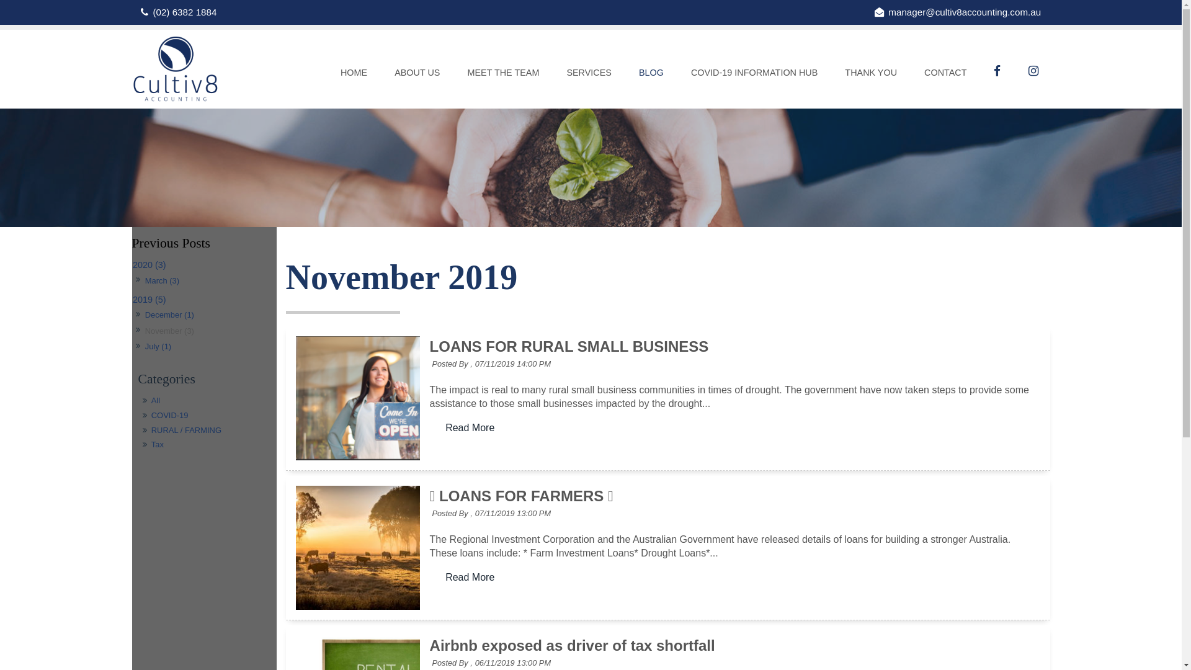  Describe the element at coordinates (143, 280) in the screenshot. I see `'March (3)'` at that location.